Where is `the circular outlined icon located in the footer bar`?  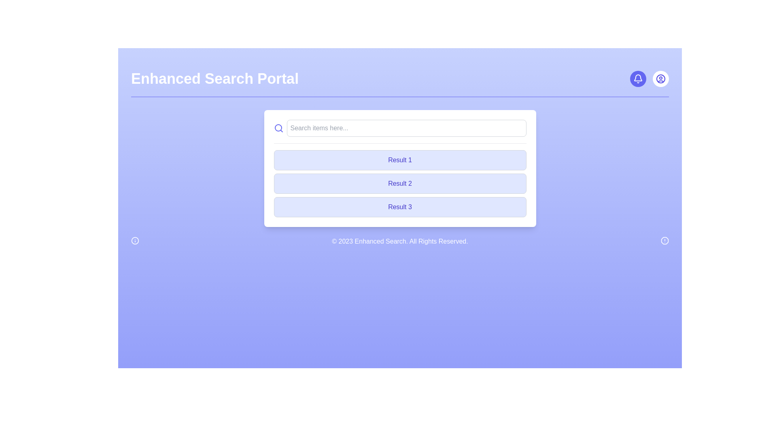
the circular outlined icon located in the footer bar is located at coordinates (135, 240).